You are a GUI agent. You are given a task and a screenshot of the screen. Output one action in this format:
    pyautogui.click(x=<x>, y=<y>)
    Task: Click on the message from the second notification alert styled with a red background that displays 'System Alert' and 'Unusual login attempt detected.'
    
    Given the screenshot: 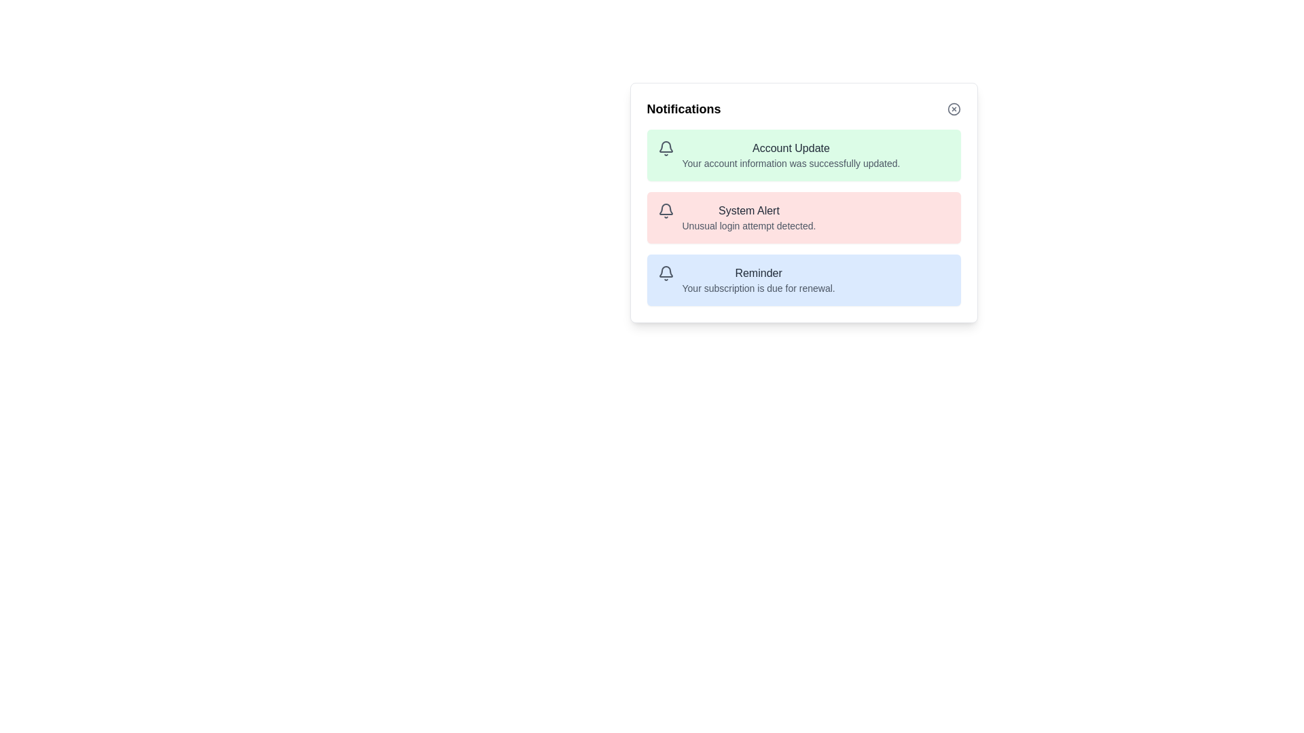 What is the action you would take?
    pyautogui.click(x=803, y=217)
    